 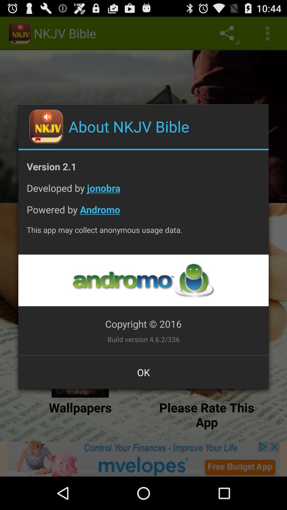 What do you see at coordinates (143, 214) in the screenshot?
I see `the item below developed by jonobra app` at bounding box center [143, 214].